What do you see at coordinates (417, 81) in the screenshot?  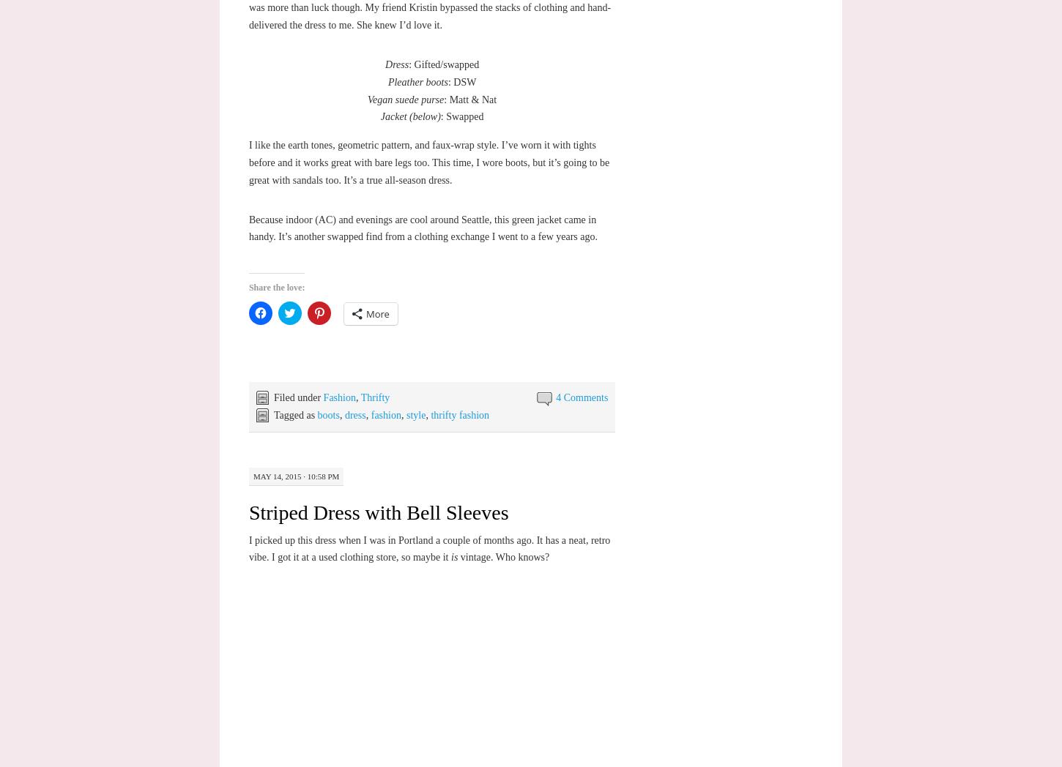 I see `'Pleather boots'` at bounding box center [417, 81].